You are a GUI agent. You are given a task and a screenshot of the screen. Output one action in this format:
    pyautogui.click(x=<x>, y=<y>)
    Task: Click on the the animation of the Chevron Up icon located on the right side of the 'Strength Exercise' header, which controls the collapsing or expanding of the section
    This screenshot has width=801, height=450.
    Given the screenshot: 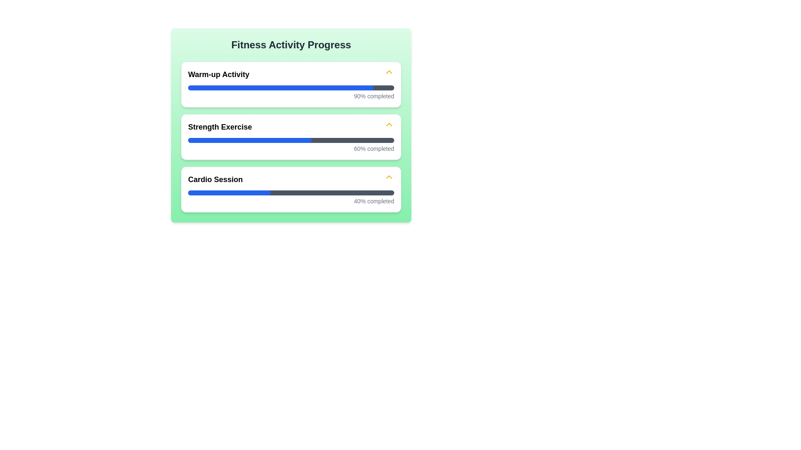 What is the action you would take?
    pyautogui.click(x=388, y=125)
    